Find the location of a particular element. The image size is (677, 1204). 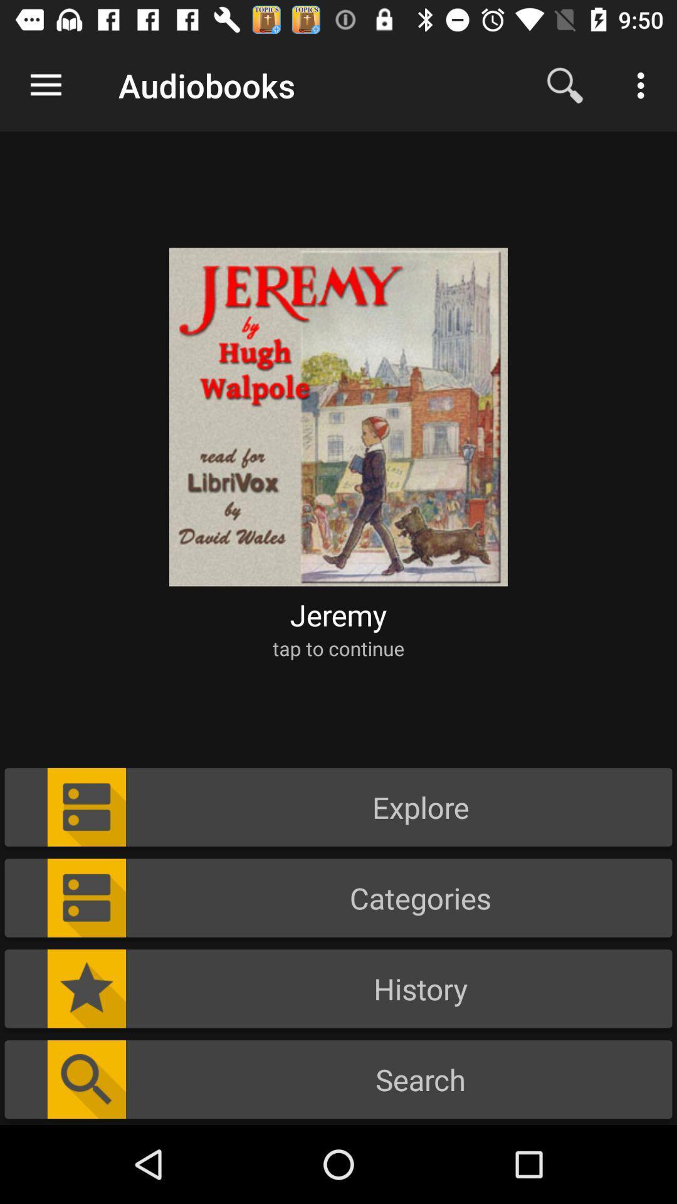

the icon above the jeremy item is located at coordinates (338, 409).